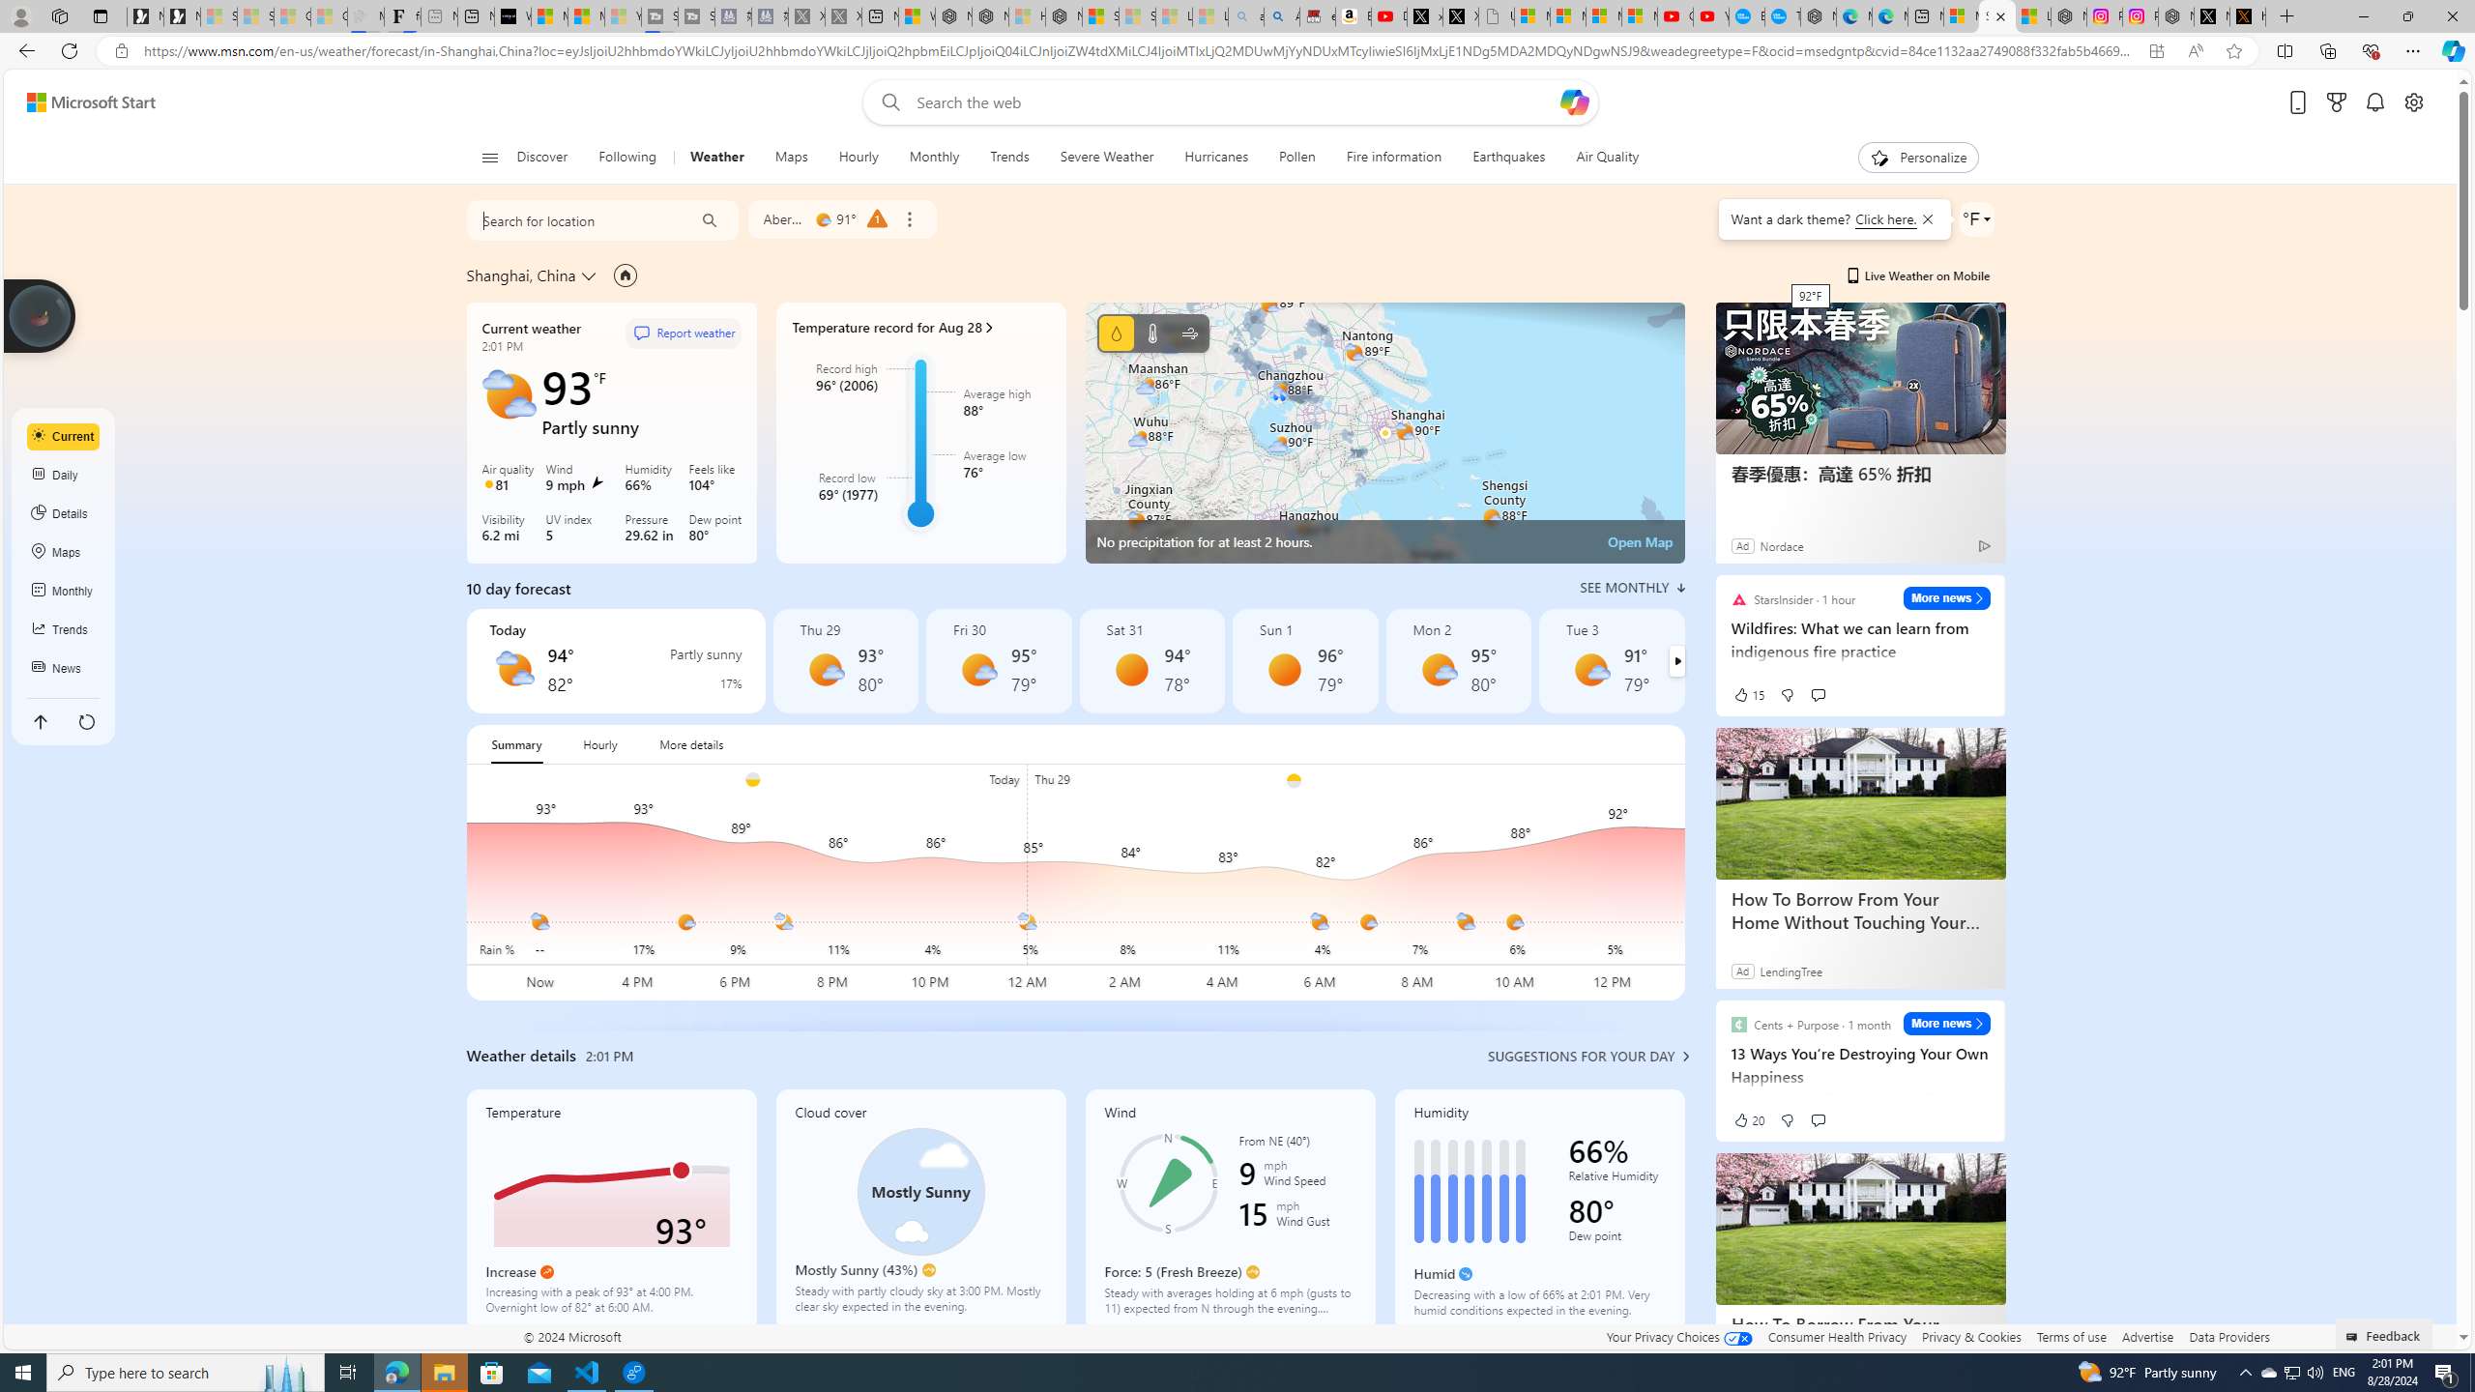 This screenshot has height=1392, width=2475. What do you see at coordinates (545, 1271) in the screenshot?
I see `'Increase'` at bounding box center [545, 1271].